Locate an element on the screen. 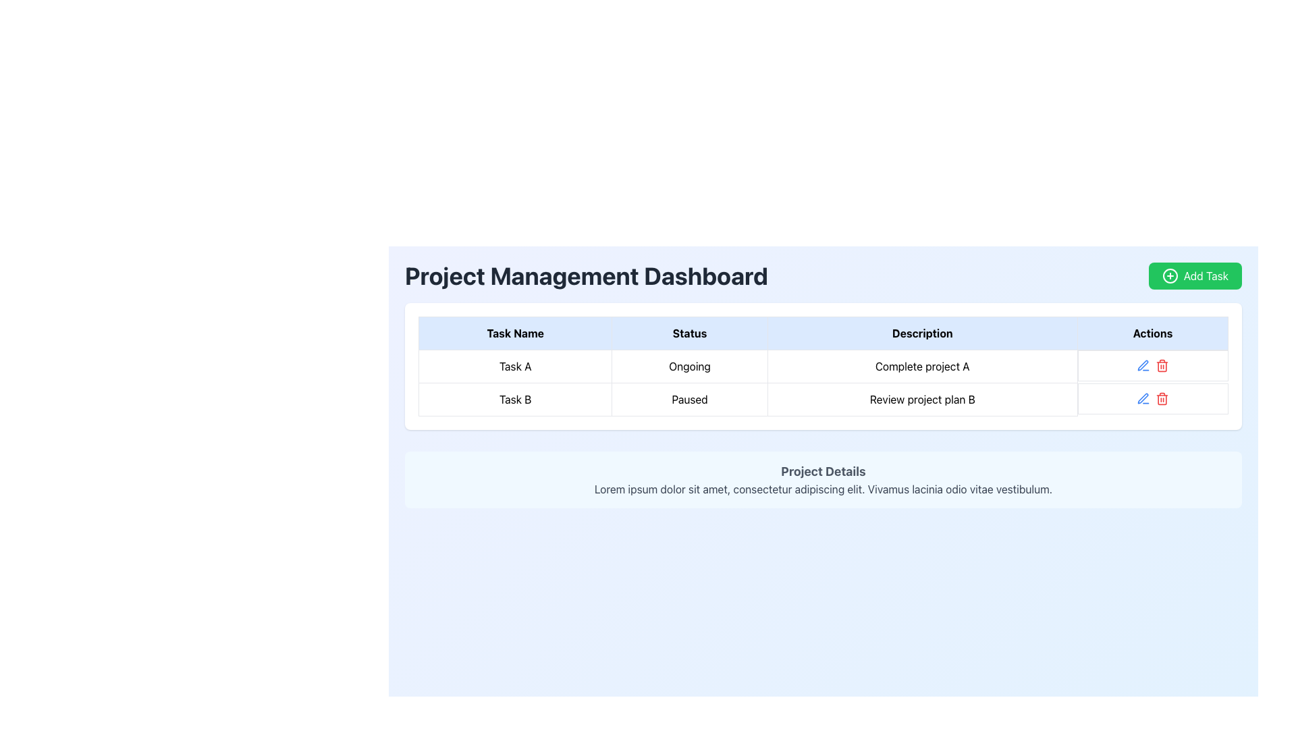  the Text Display element, which is a block of light gray text located below the 'Project Details' heading and enclosed in a light blue background with rounded corners is located at coordinates (822, 489).